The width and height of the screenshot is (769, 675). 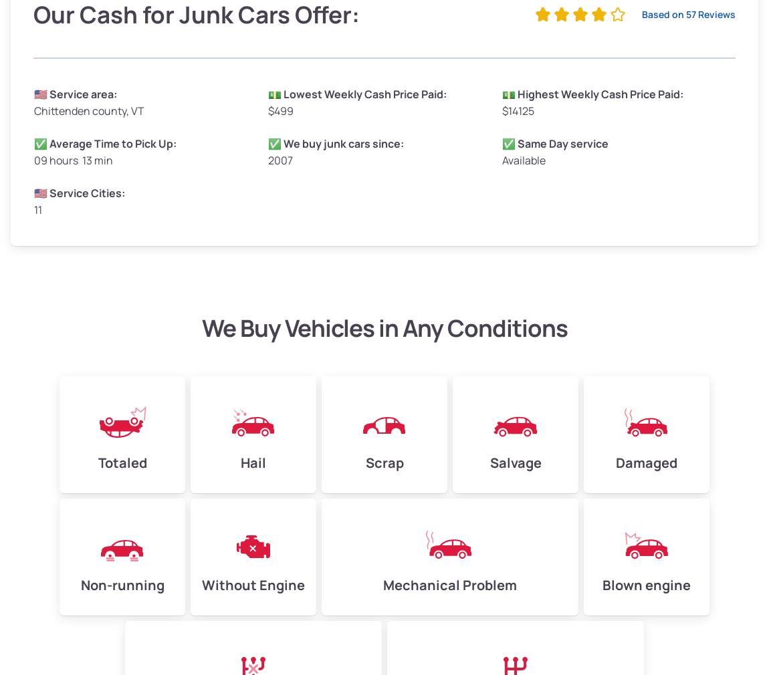 I want to click on 'Without Engine', so click(x=253, y=585).